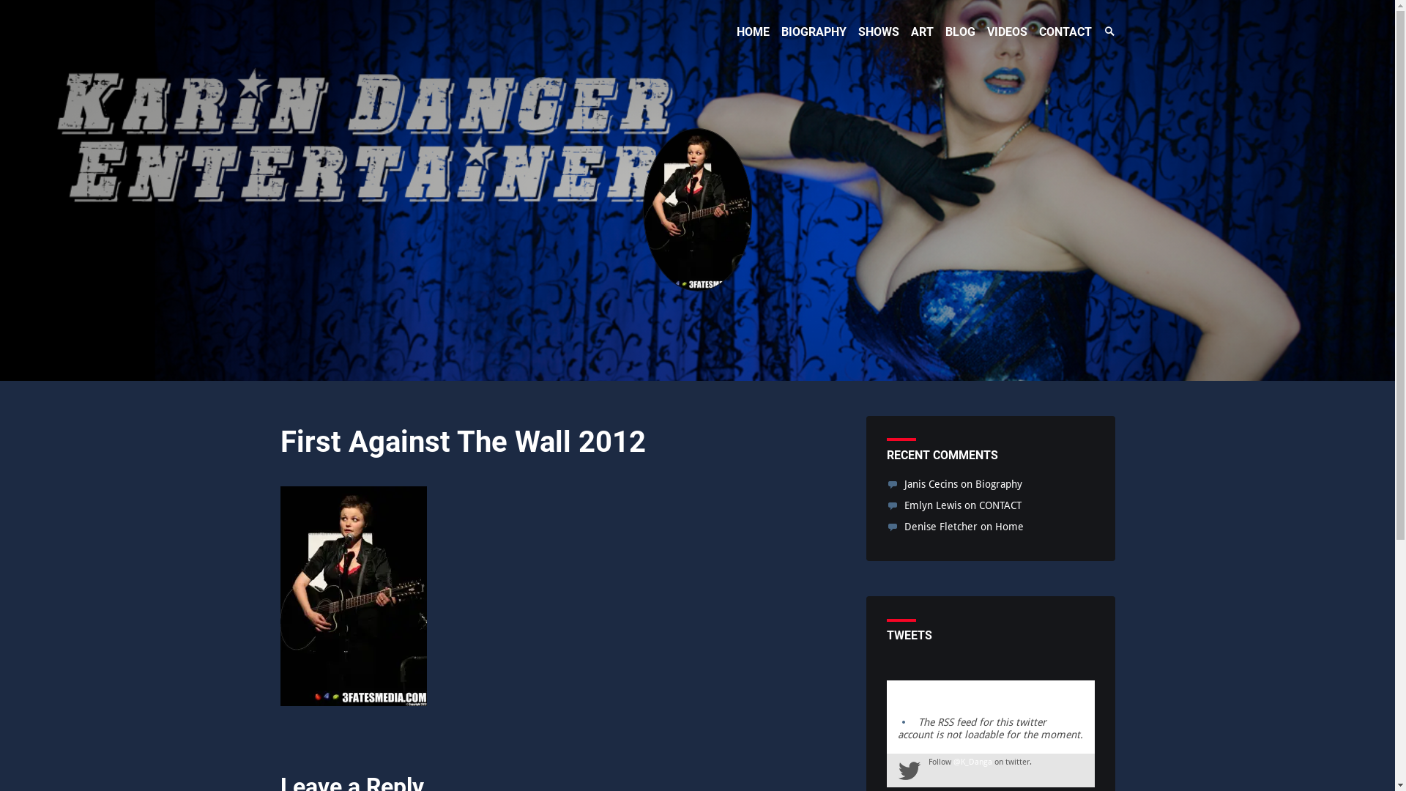  What do you see at coordinates (812, 31) in the screenshot?
I see `'BIOGRAPHY'` at bounding box center [812, 31].